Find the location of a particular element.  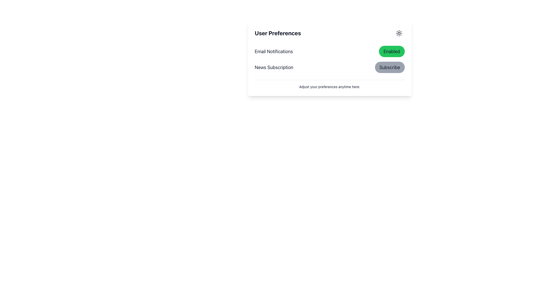

the green pill-shaped button labeled 'Enabled' located in the 'Email Notifications' section is located at coordinates (391, 51).